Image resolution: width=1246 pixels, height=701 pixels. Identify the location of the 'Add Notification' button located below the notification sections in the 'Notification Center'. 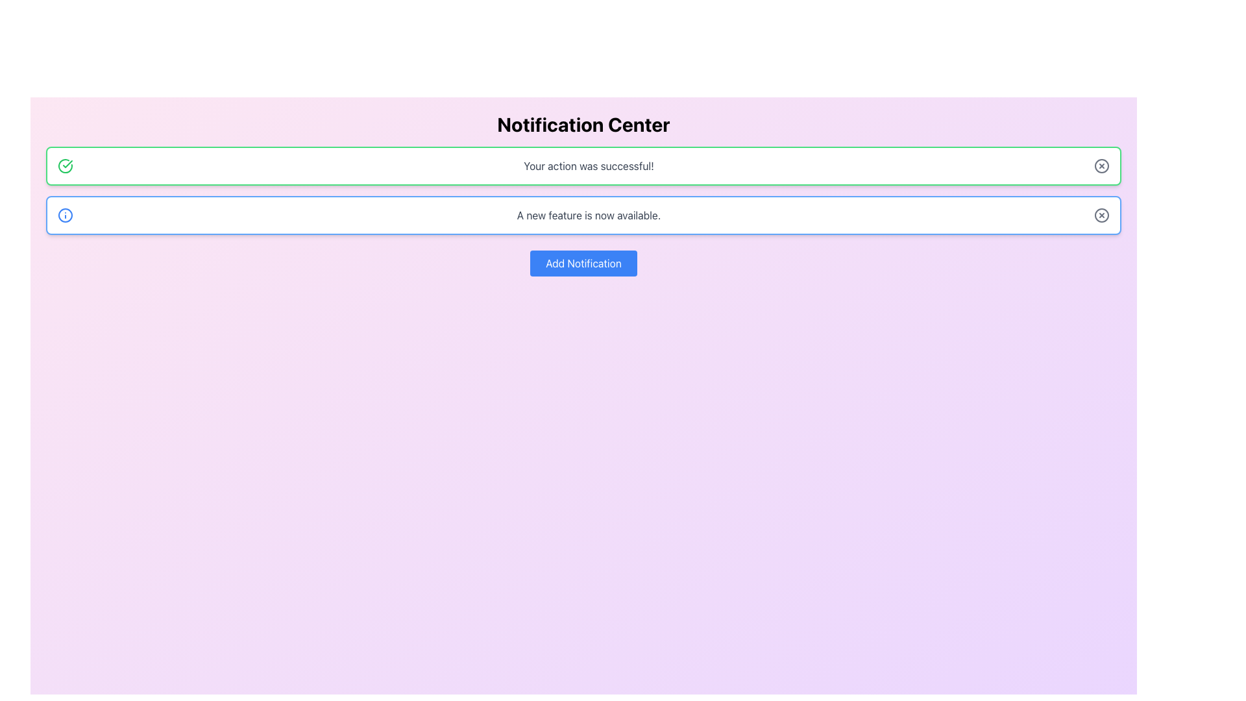
(583, 263).